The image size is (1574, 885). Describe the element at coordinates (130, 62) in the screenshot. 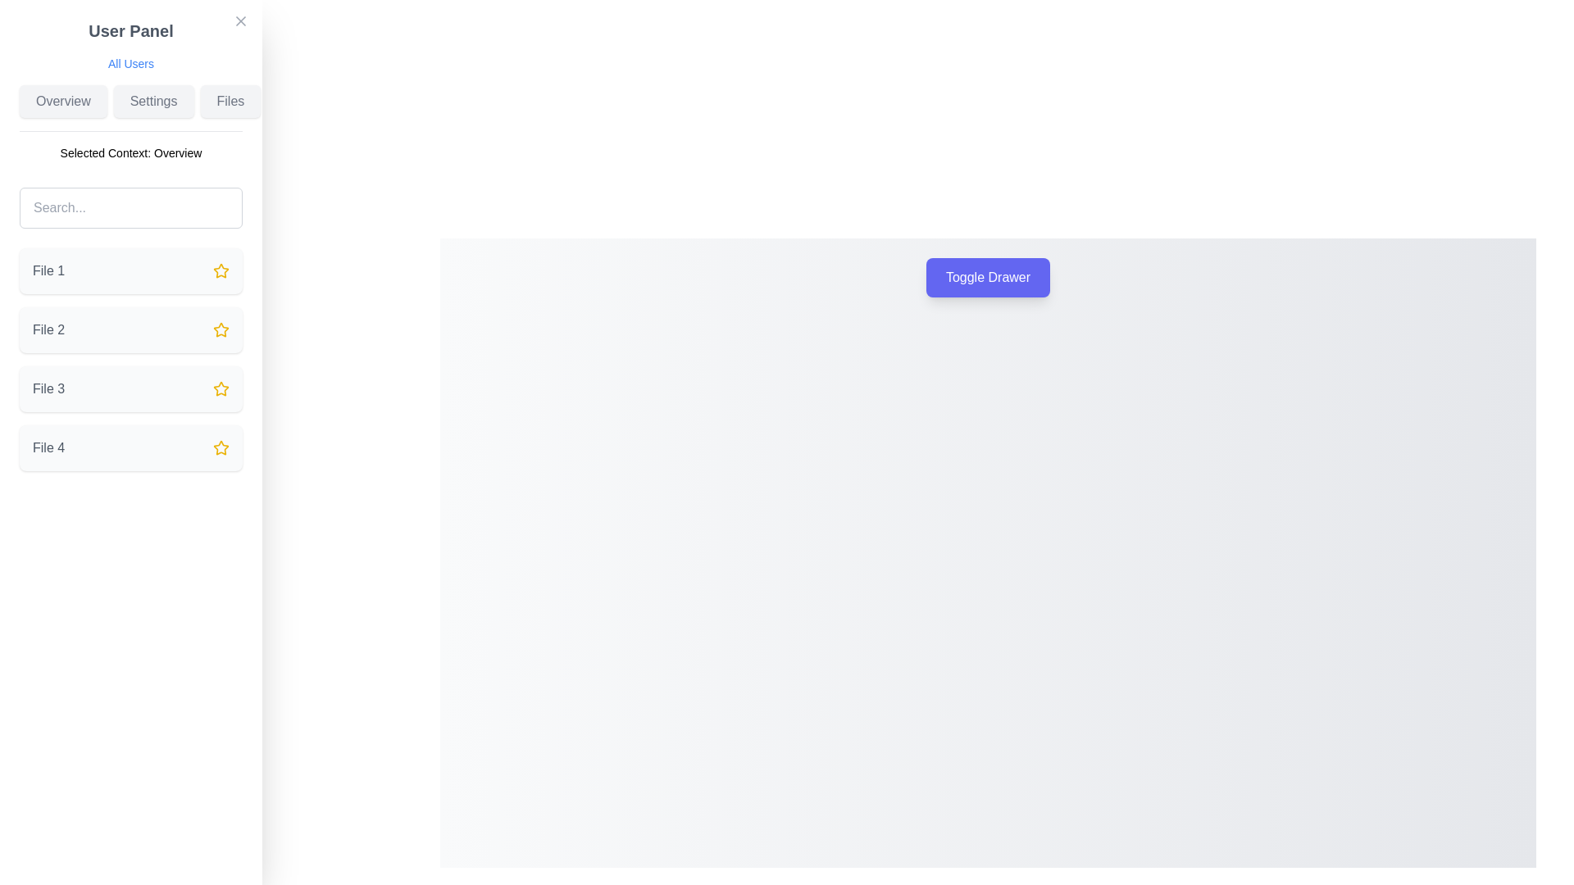

I see `the interactive label located below the 'User Panel' heading and above the 'Overview', 'Settings', 'Files' section to direct the user to the user list or summary` at that location.